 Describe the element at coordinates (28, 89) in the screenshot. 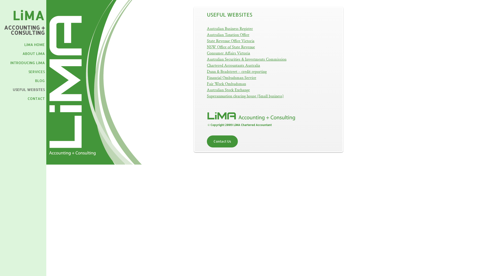

I see `'USEFUL WEBSITES'` at that location.